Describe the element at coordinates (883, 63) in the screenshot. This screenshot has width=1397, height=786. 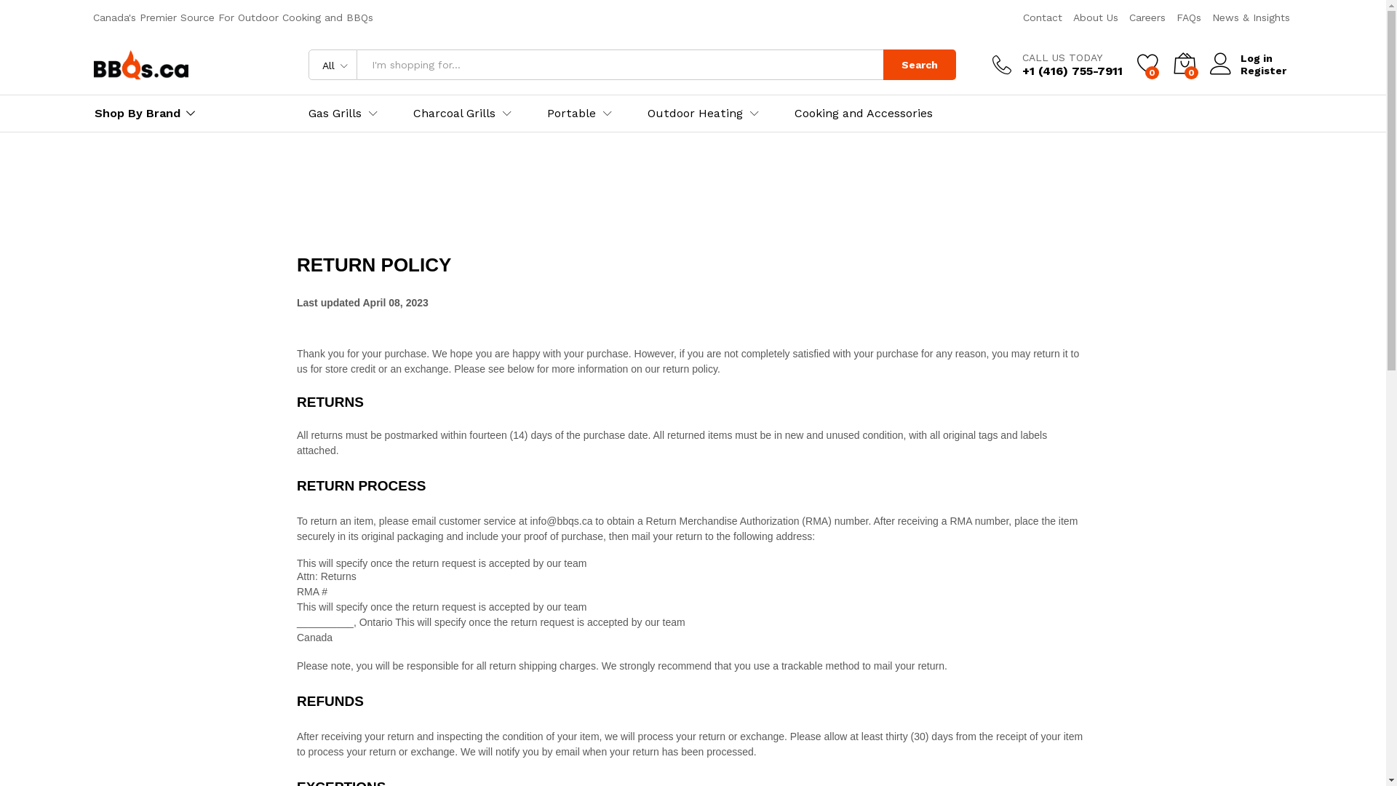
I see `'Search'` at that location.